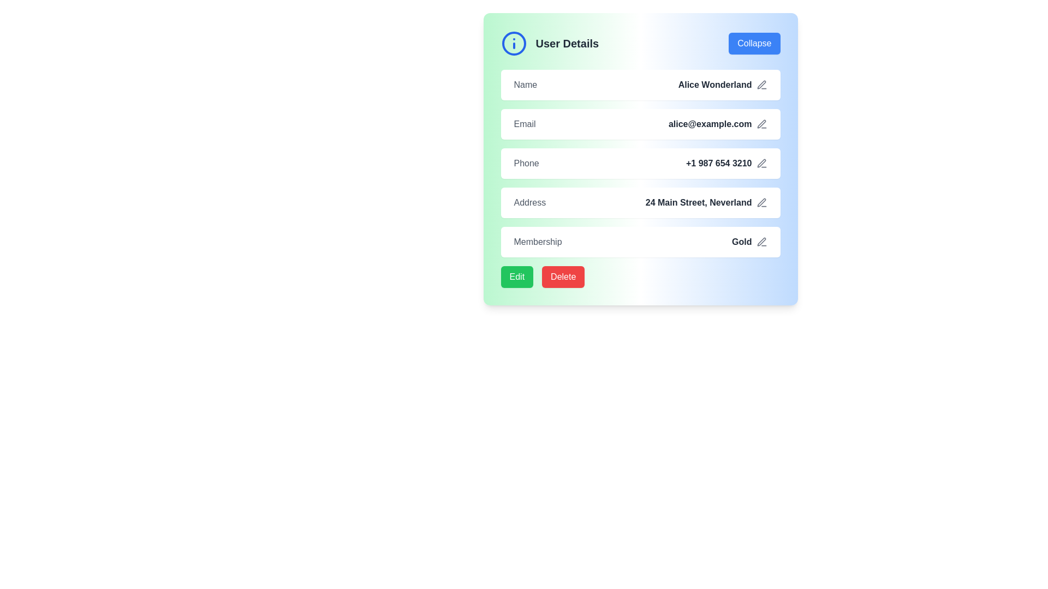 The height and width of the screenshot is (589, 1048). Describe the element at coordinates (761, 202) in the screenshot. I see `the pen icon located to the right side of the 'Address' field, which is gray by default and turns blue on hover, indicating its interactivity` at that location.